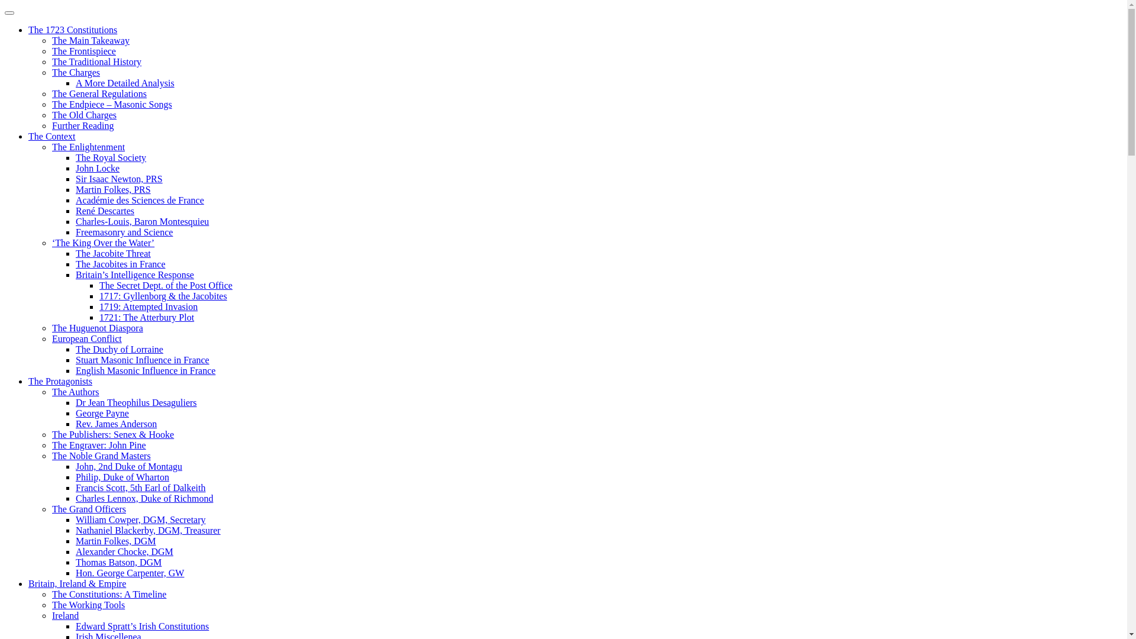 This screenshot has height=639, width=1136. Describe the element at coordinates (125, 82) in the screenshot. I see `'A More Detailed Analysis'` at that location.